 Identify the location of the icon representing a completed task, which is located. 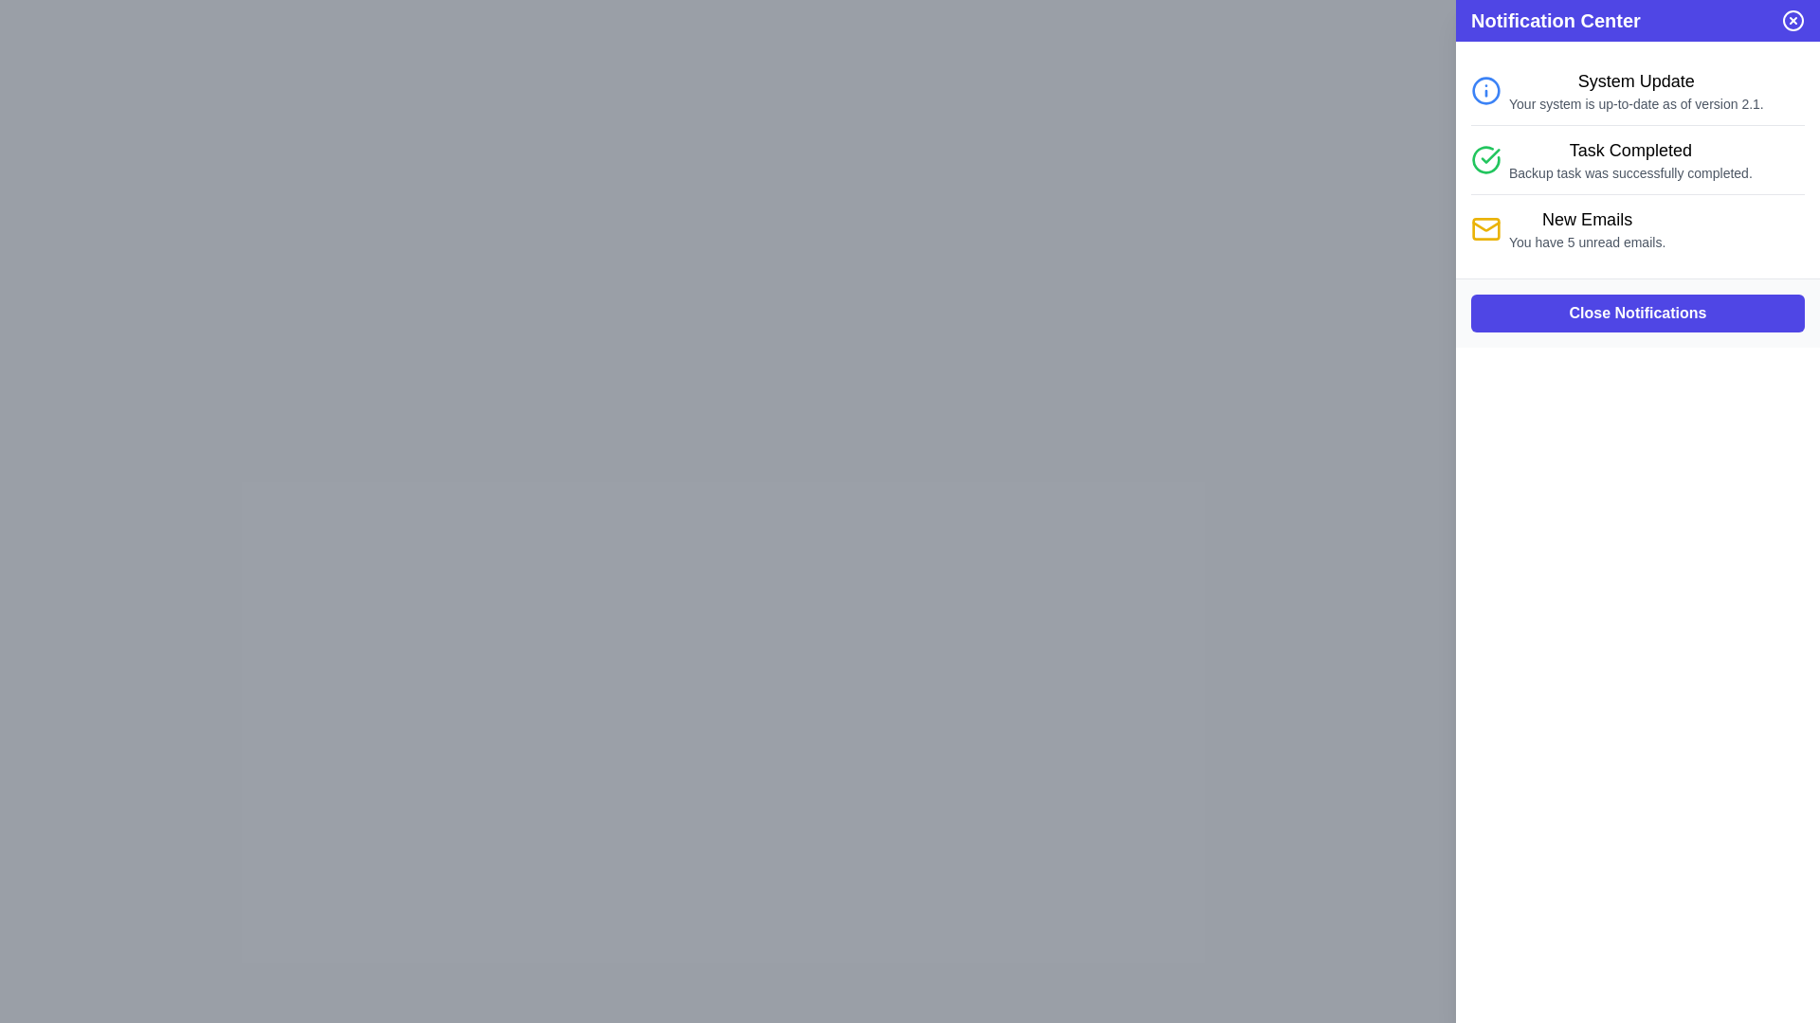
(1485, 159).